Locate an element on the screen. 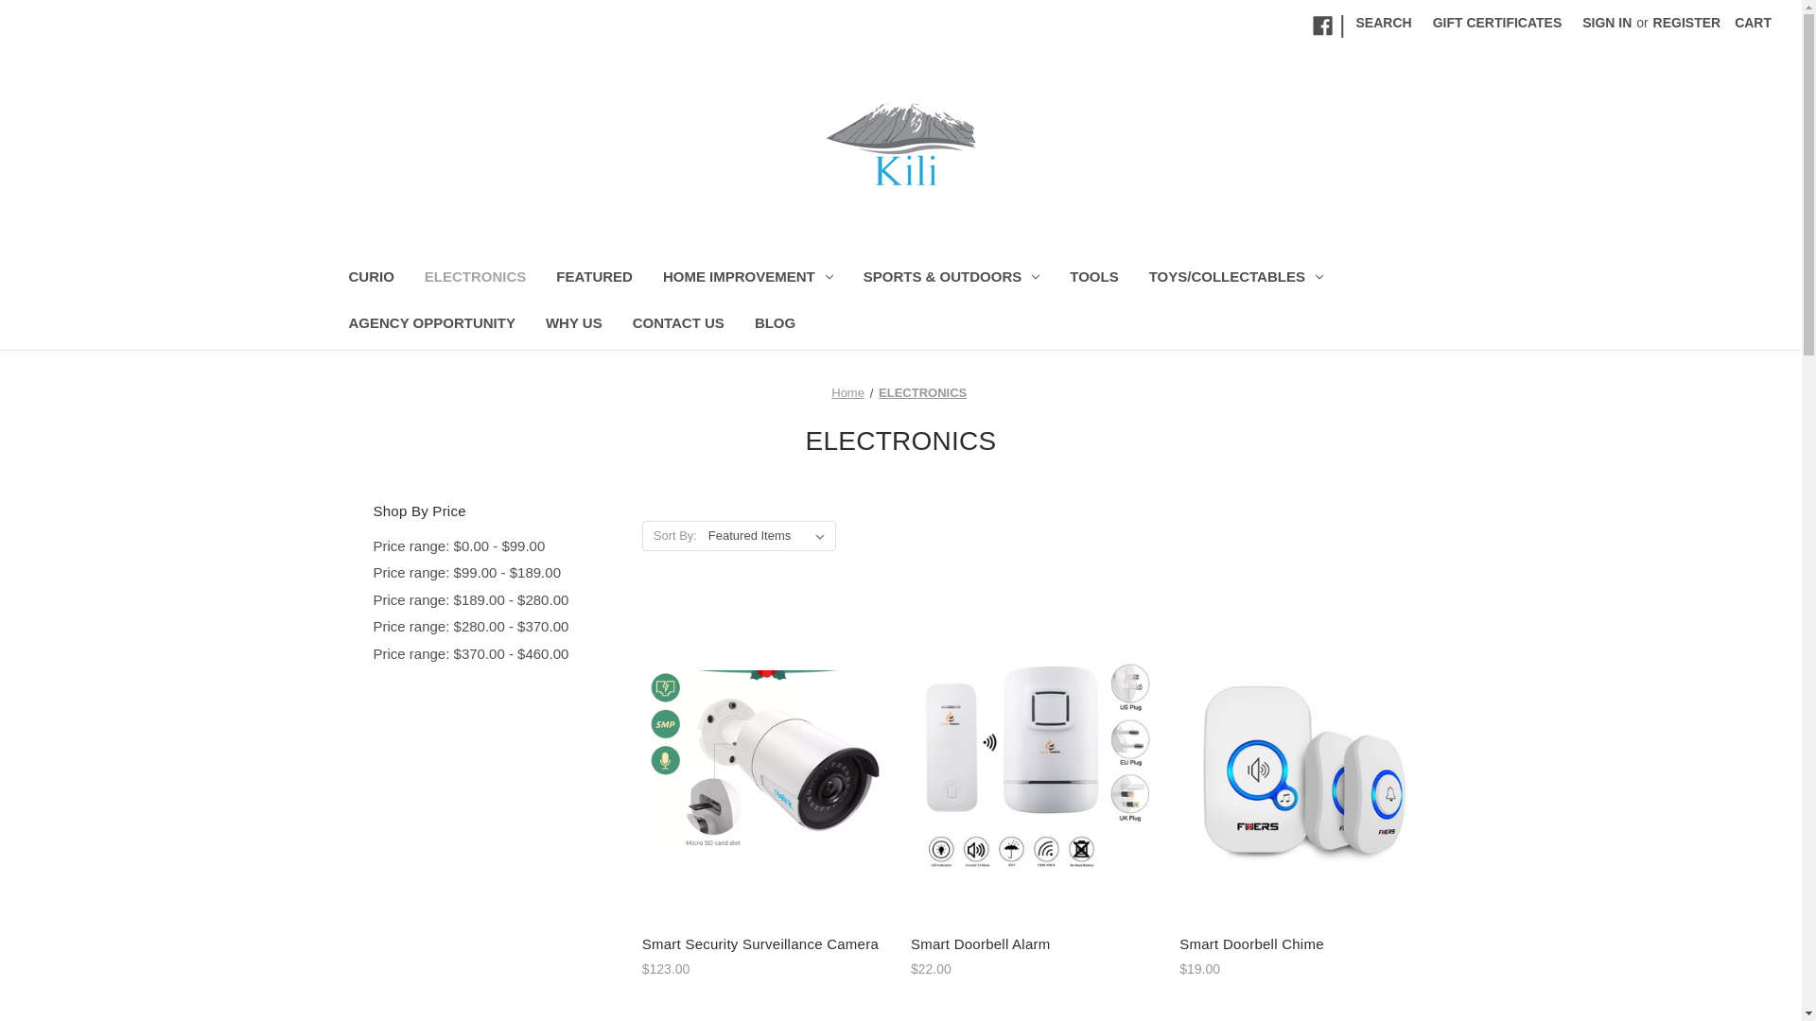 The height and width of the screenshot is (1021, 1816). 'Home' is located at coordinates (847, 391).